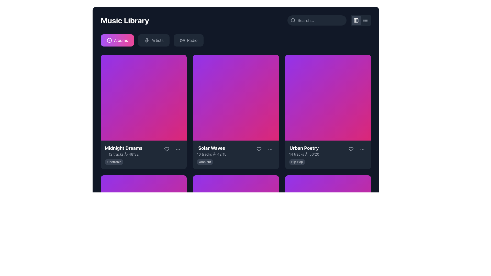  I want to click on the text label displaying metadata about the album 'Solar Waves', which is located directly below its title in the second card from the left in the top row of a grid layout, so click(211, 154).